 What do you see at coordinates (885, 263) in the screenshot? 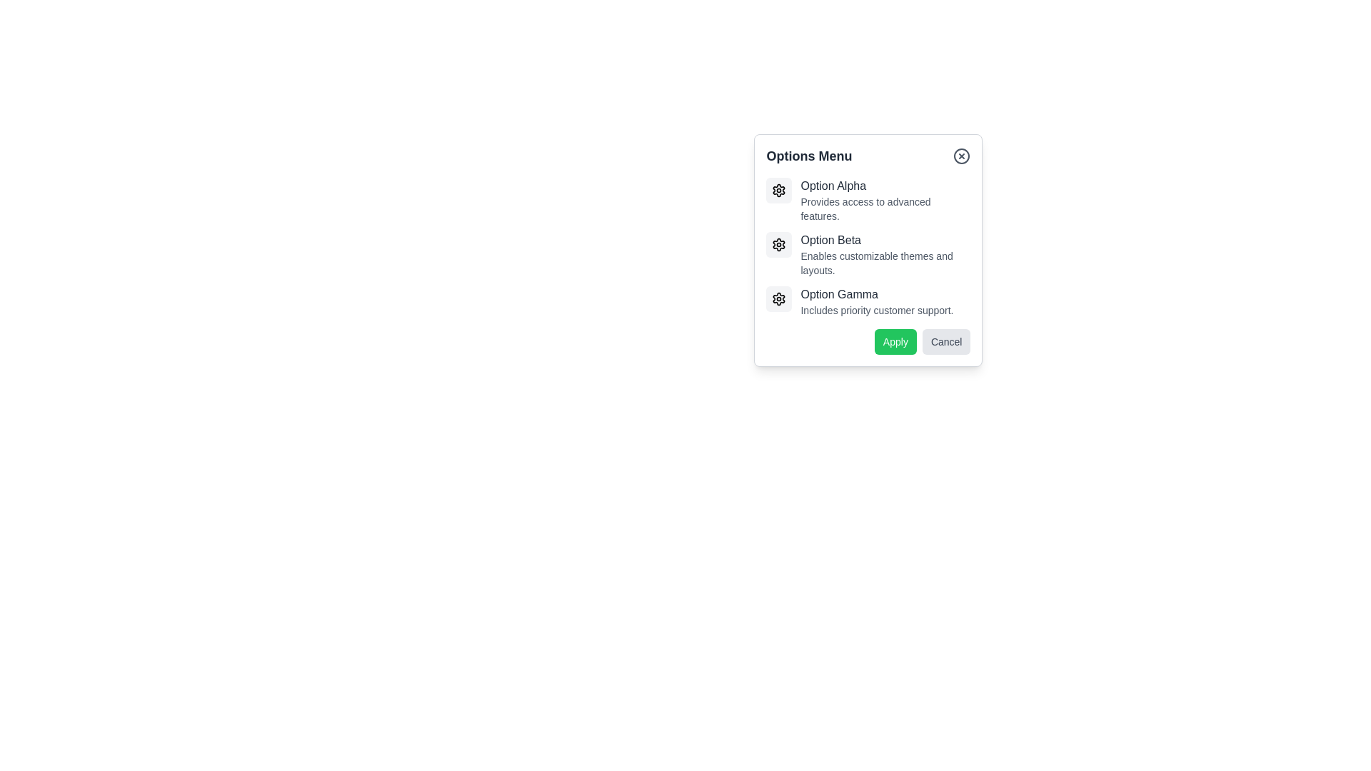
I see `the static text label stating 'Enables customizable themes and layouts.', located under the main title 'Option Beta' in the central options menu dialog` at bounding box center [885, 263].